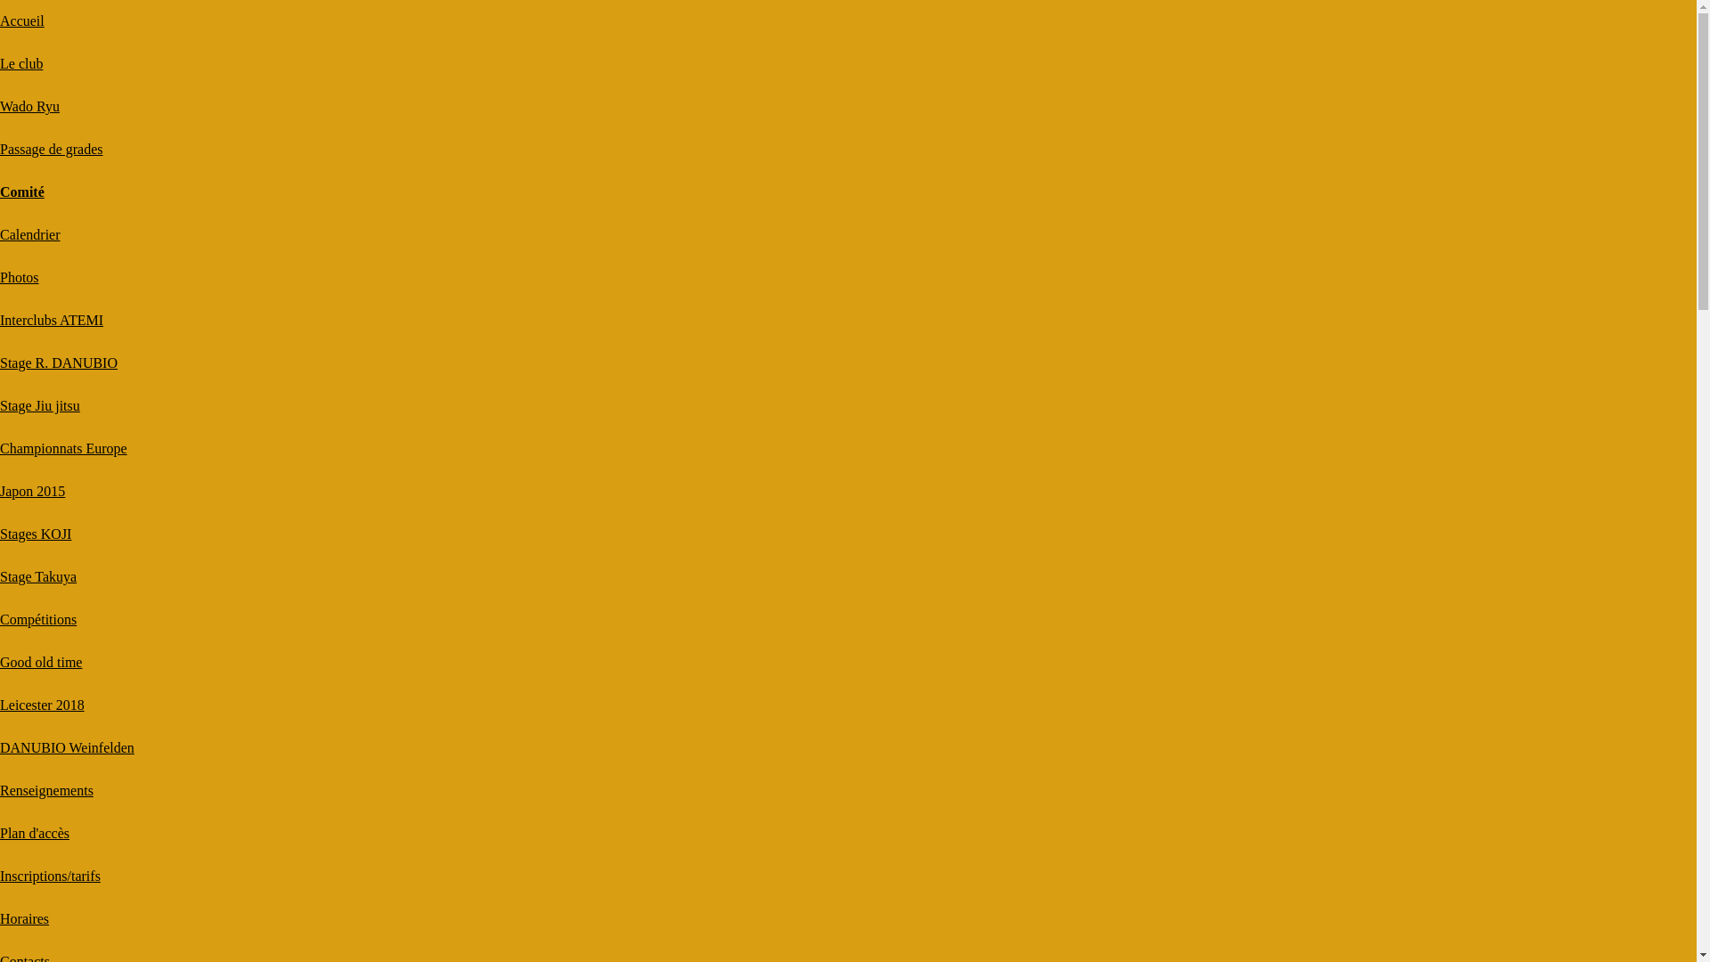  I want to click on 'Stage Jiu jitsu', so click(0, 405).